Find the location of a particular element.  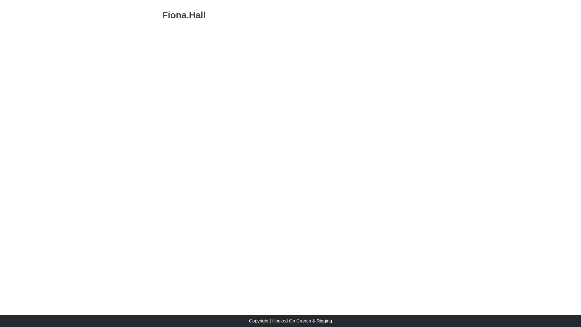

'Skip to content' is located at coordinates (6, 3).